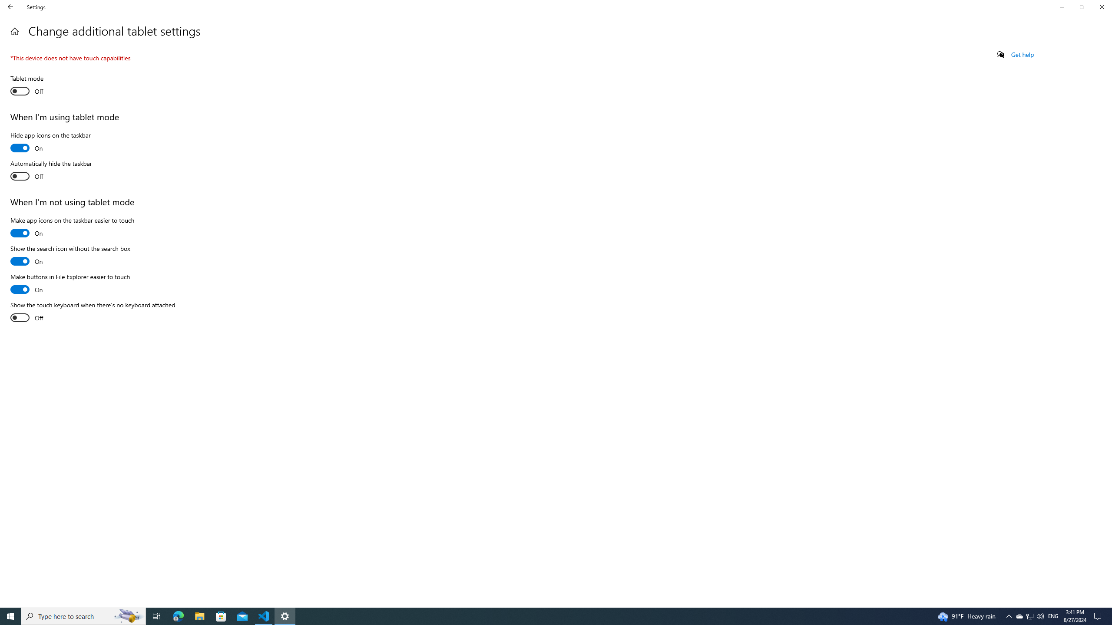 The width and height of the screenshot is (1112, 625). What do you see at coordinates (1061, 7) in the screenshot?
I see `'Minimize Settings'` at bounding box center [1061, 7].